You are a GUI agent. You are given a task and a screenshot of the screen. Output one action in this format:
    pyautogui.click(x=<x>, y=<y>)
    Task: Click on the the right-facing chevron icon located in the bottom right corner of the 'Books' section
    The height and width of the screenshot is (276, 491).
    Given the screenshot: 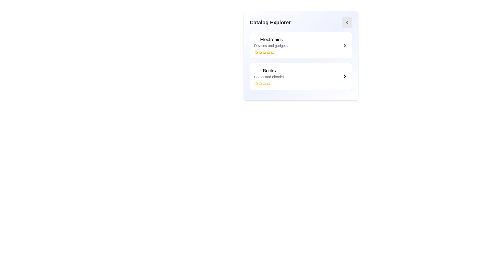 What is the action you would take?
    pyautogui.click(x=345, y=76)
    